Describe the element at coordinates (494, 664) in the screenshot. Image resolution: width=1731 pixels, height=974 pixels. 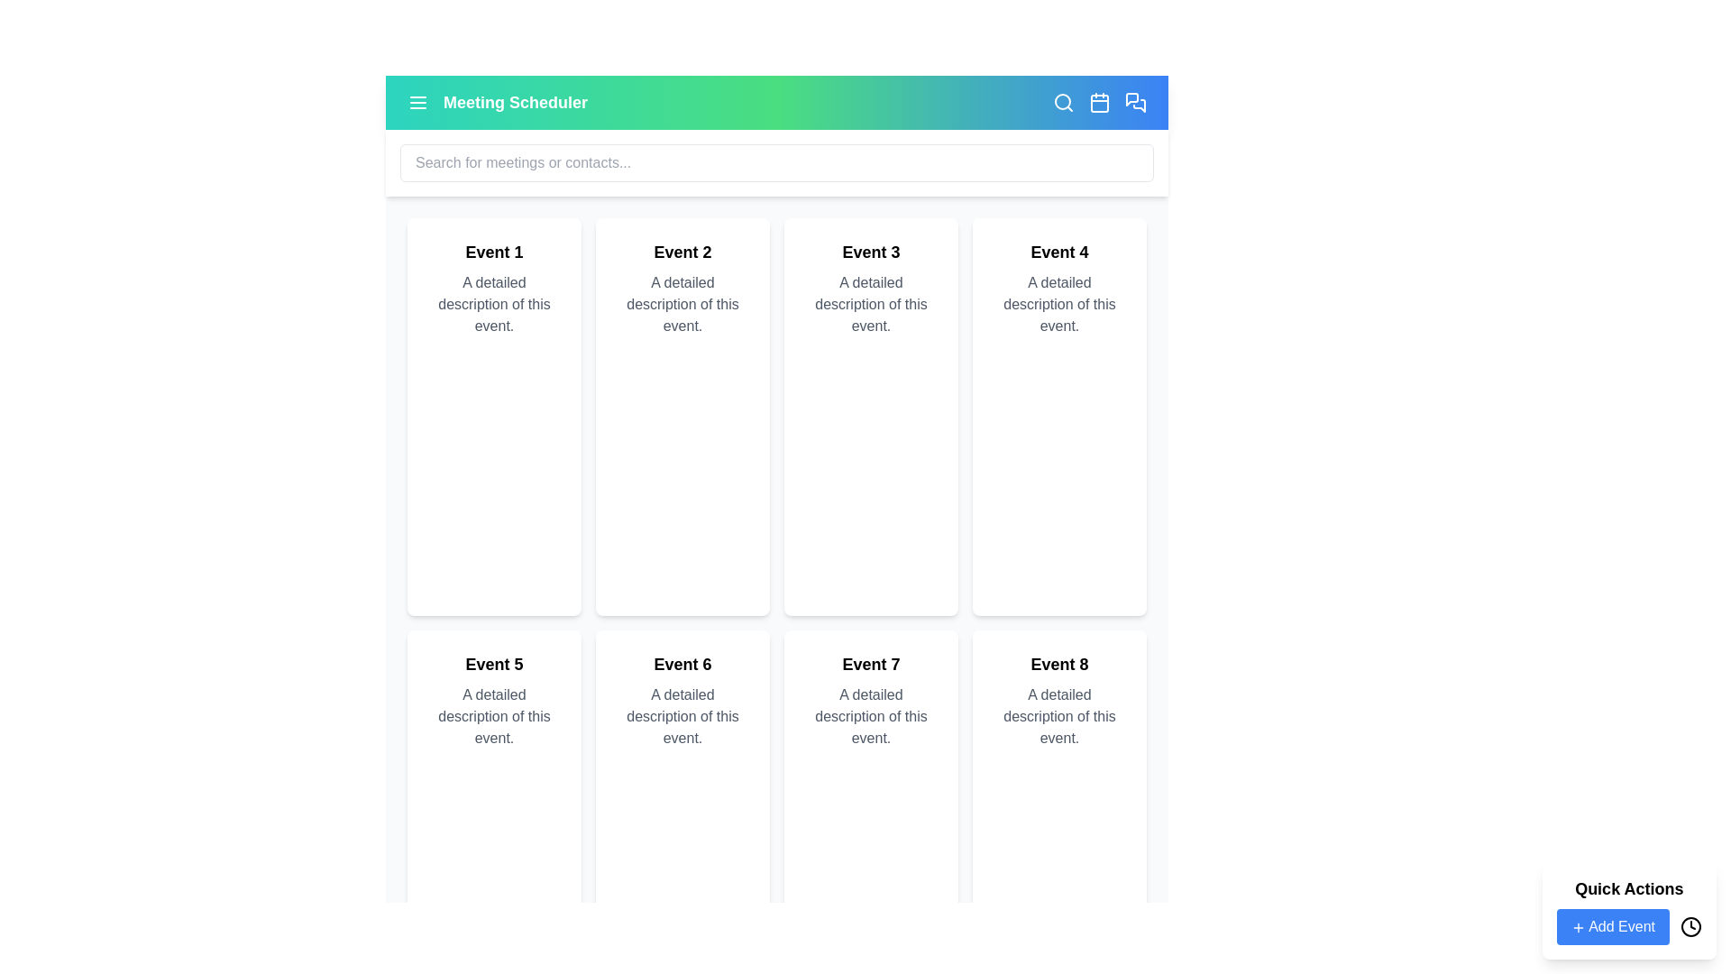
I see `the text heading 'Event 5', which is located at the top-center of the first card in the second row of a 4x2 grid layout` at that location.